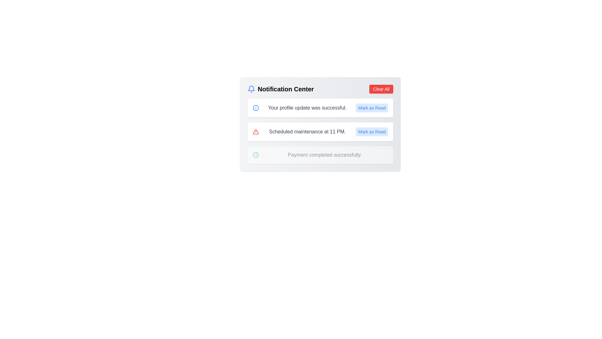  Describe the element at coordinates (307, 107) in the screenshot. I see `the text label that says 'Your profile update was successful.' which is styled in gray and located in the second row of the notification list, bordered by a blue circular icon on the left` at that location.